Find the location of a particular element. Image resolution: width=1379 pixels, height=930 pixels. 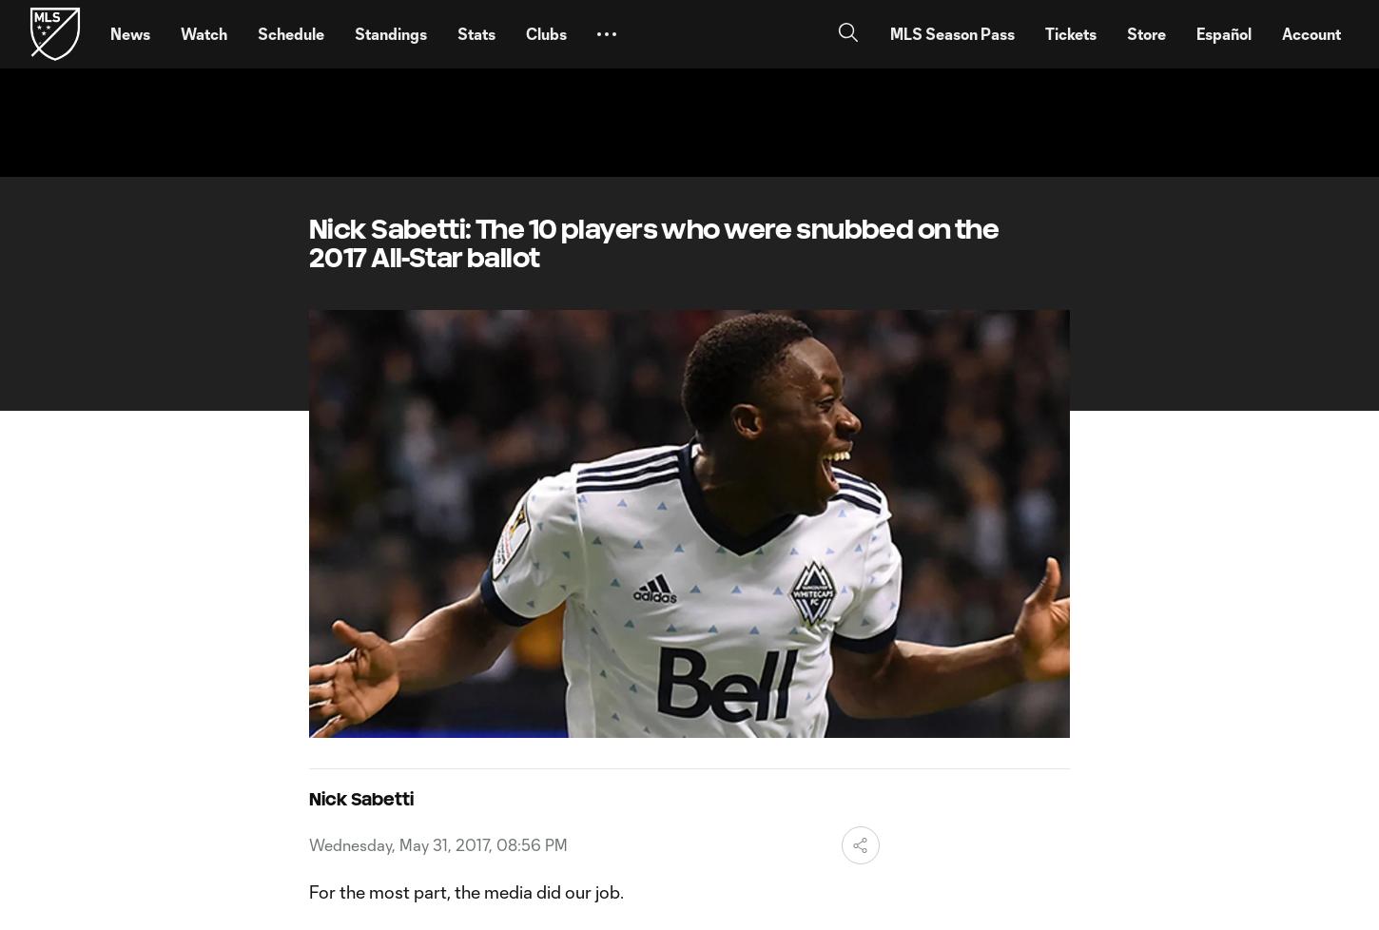

'Wednesday, May 31, 2017, 08:56 PM' is located at coordinates (437, 843).